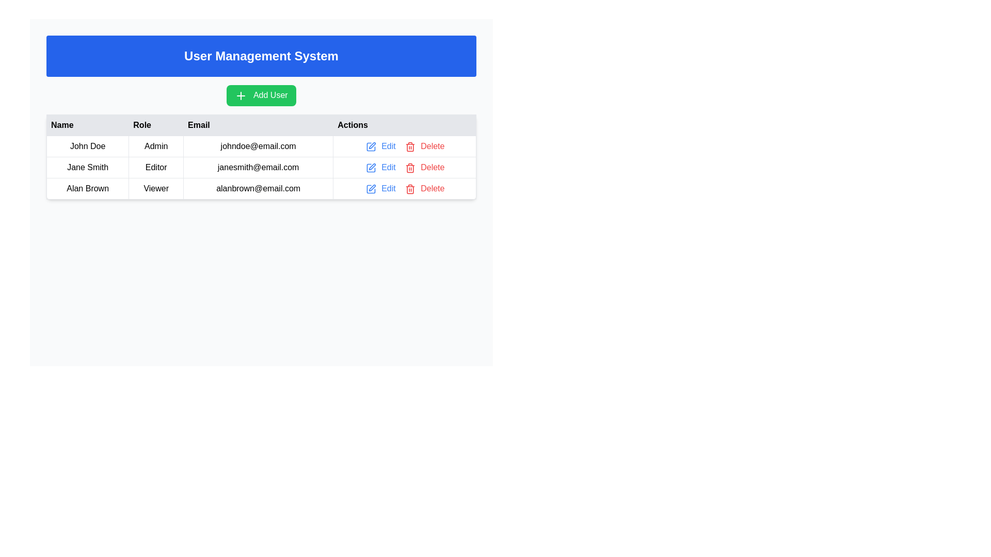  What do you see at coordinates (371, 189) in the screenshot?
I see `the edit icon located in the 'Actions' column of the last row corresponding to the user 'Alan Brown', which is positioned to the left of the 'Edit' label text` at bounding box center [371, 189].